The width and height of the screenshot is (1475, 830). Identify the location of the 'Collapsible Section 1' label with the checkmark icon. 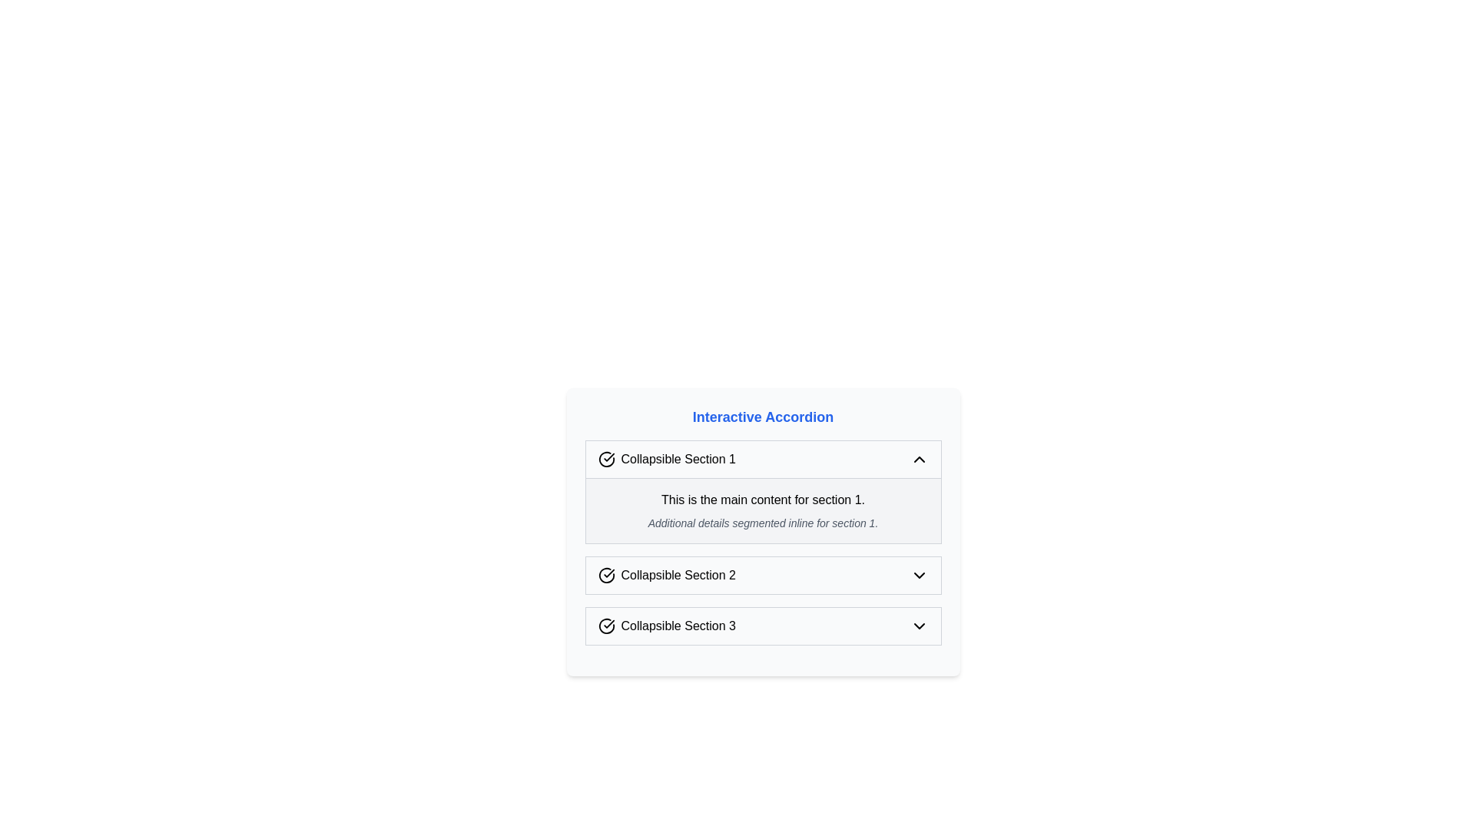
(667, 458).